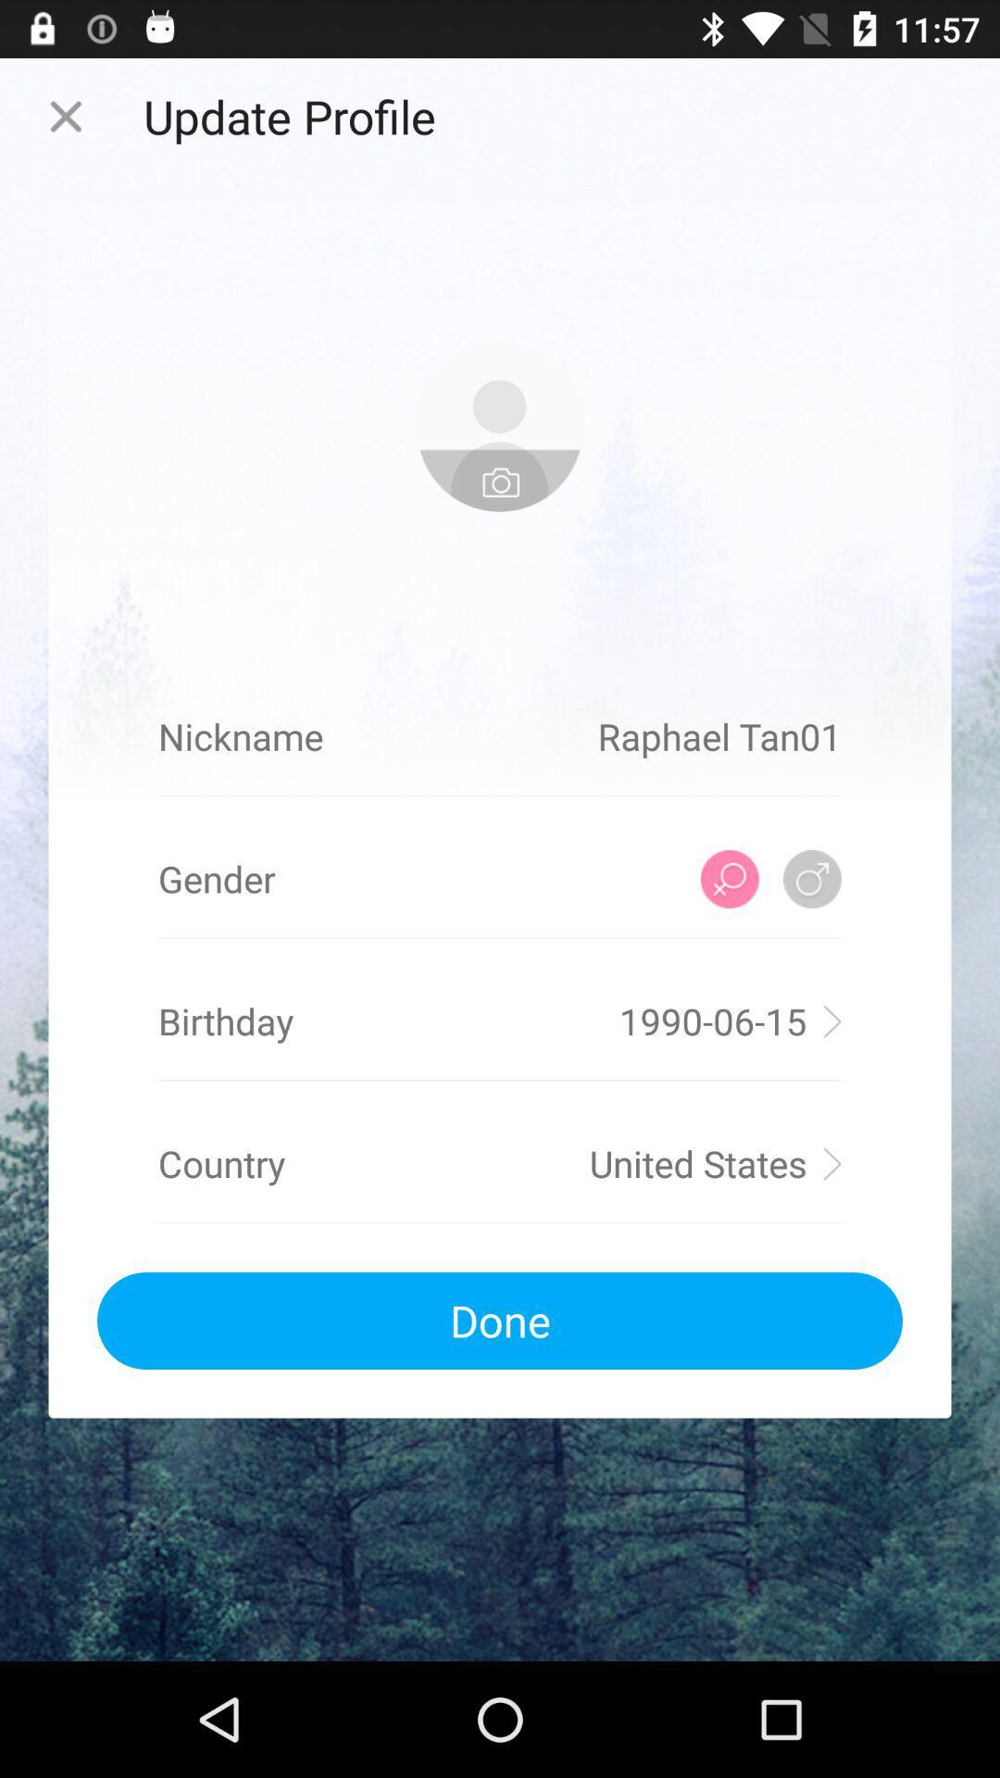 This screenshot has height=1778, width=1000. Describe the element at coordinates (65, 115) in the screenshot. I see `window` at that location.